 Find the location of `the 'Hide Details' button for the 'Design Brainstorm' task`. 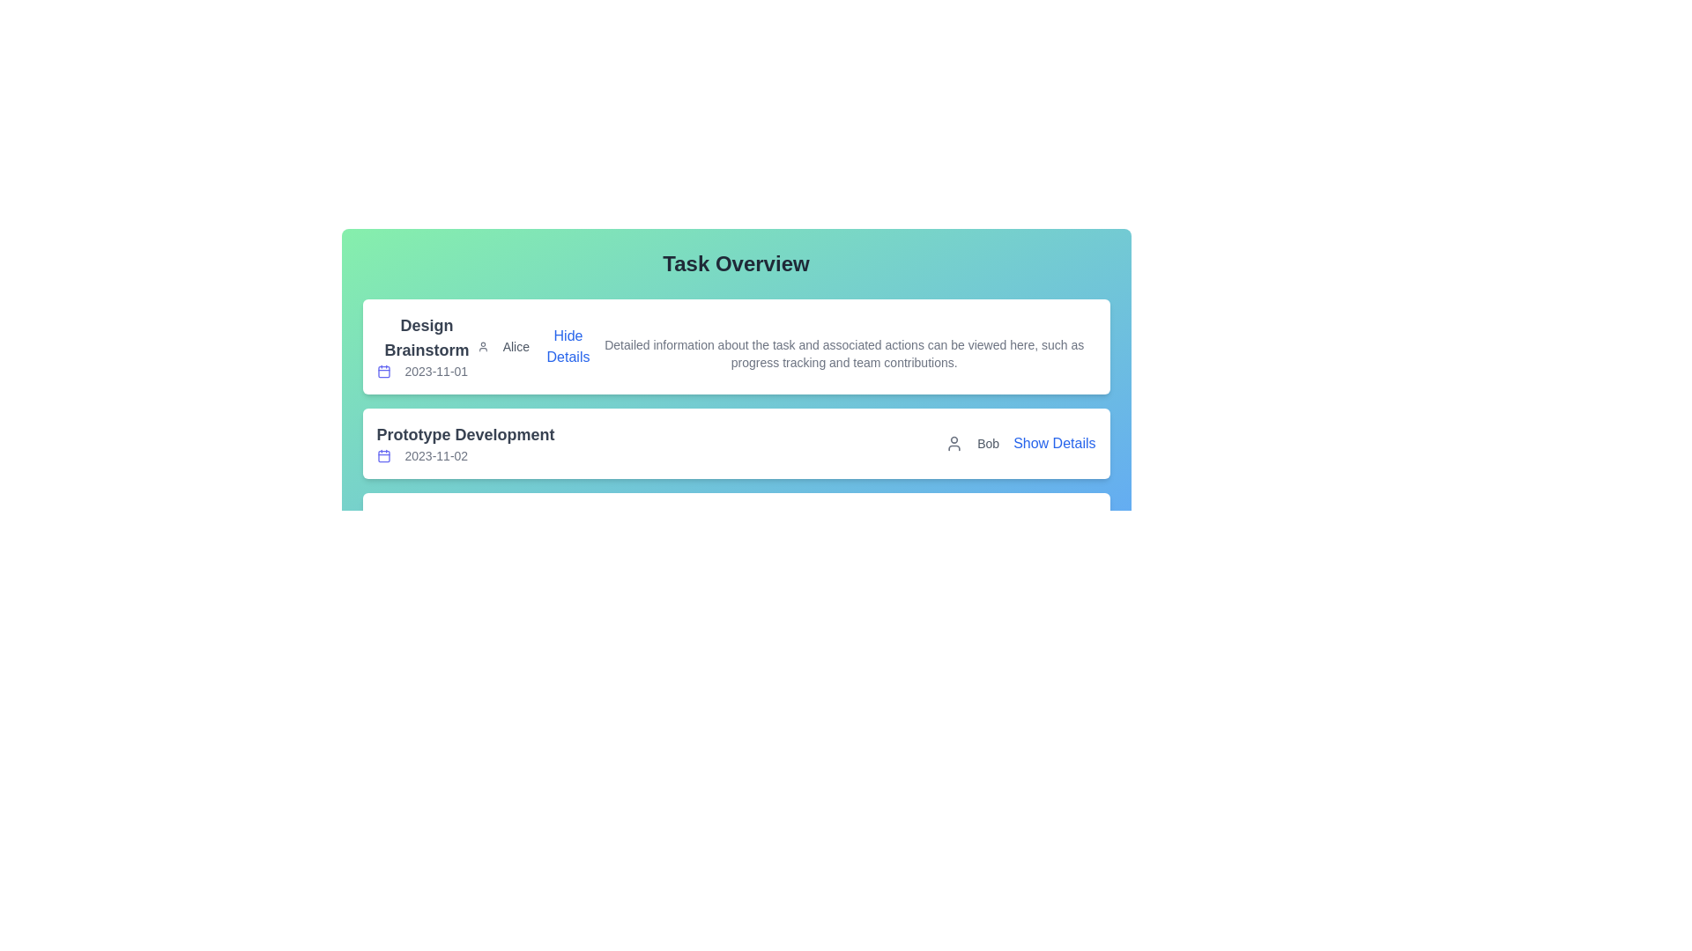

the 'Hide Details' button for the 'Design Brainstorm' task is located at coordinates (567, 346).